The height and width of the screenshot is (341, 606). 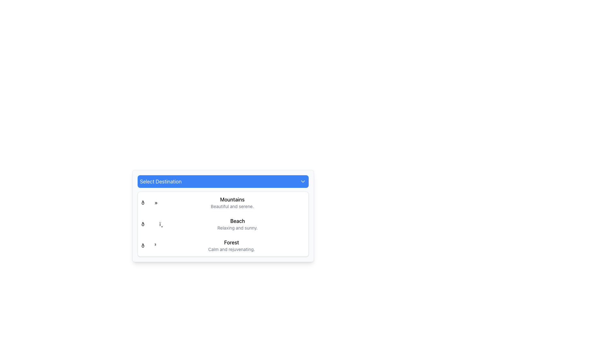 I want to click on the selectable option labeled 'Beach' in the 'Select Destination' panel, which describes the destination as 'Relaxing and sunny.', so click(x=237, y=224).